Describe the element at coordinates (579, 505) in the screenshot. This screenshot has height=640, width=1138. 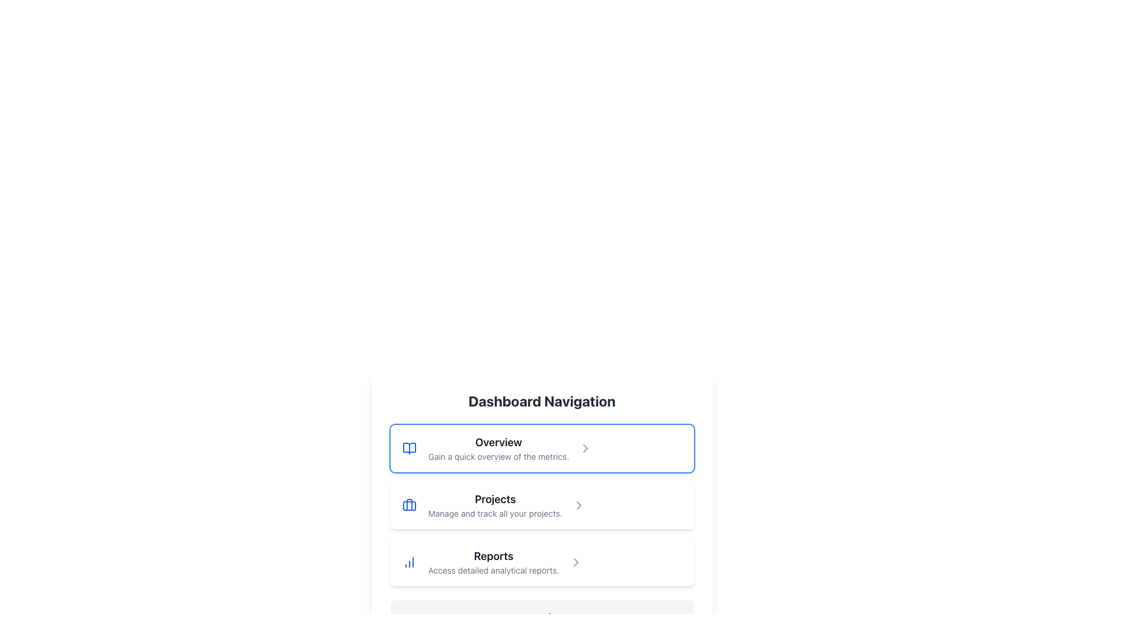
I see `the rightward-pointing chevron arrow icon located on the far-right side of the 'Projects' row in the 'Dashboard Navigation' section` at that location.